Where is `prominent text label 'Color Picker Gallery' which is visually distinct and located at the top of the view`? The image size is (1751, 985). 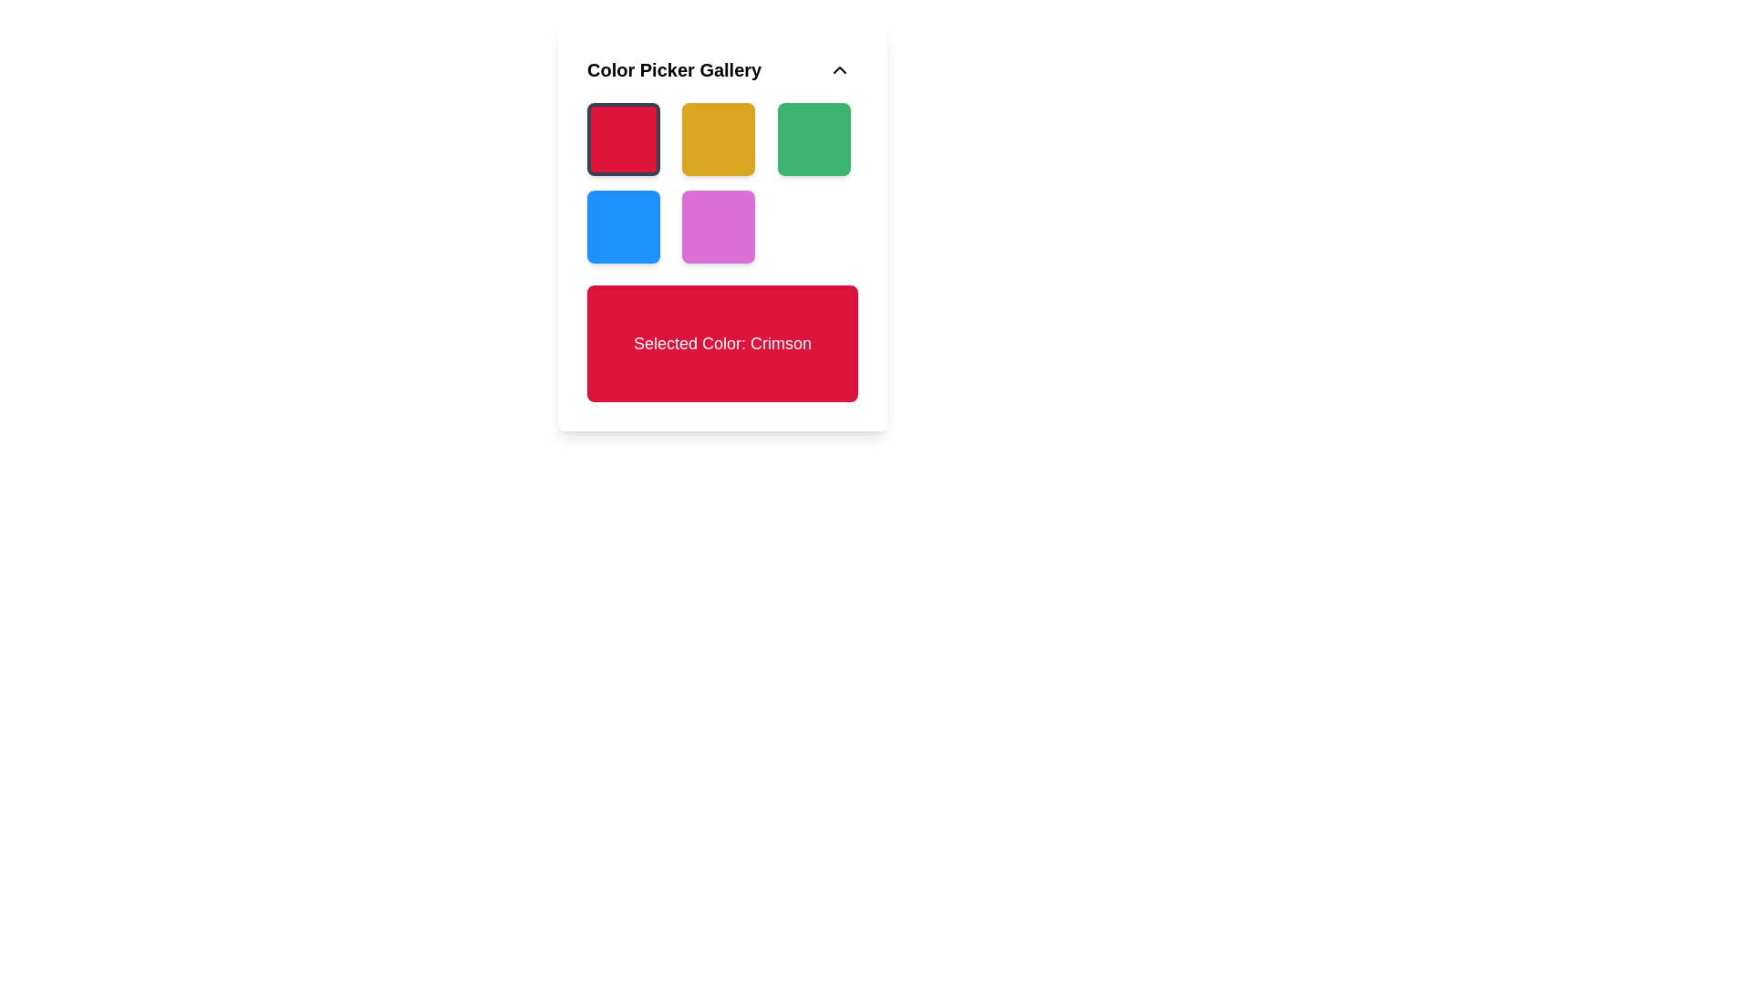
prominent text label 'Color Picker Gallery' which is visually distinct and located at the top of the view is located at coordinates (673, 69).